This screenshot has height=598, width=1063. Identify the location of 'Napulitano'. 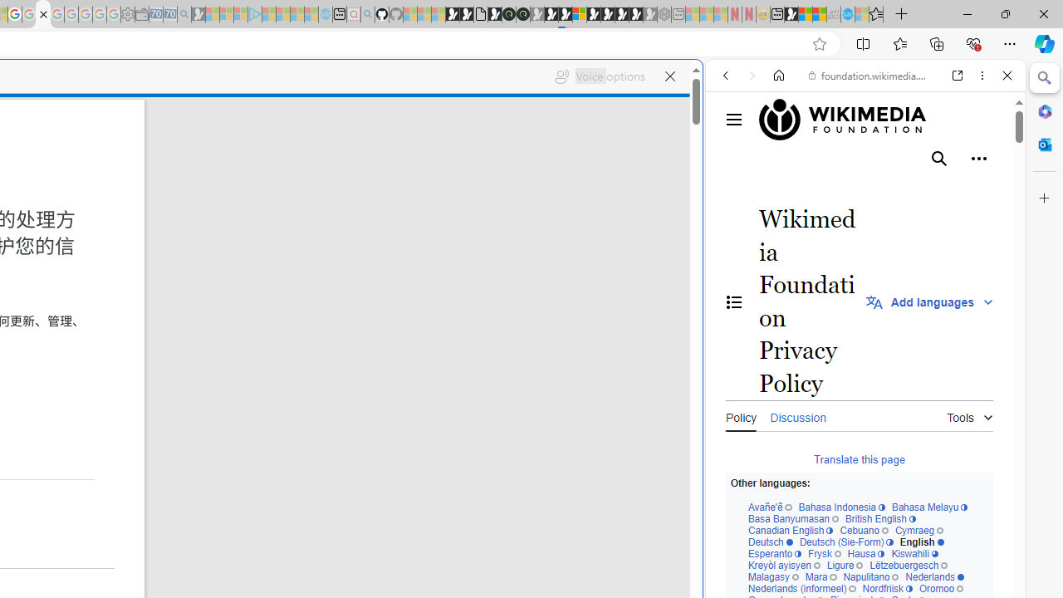
(870, 576).